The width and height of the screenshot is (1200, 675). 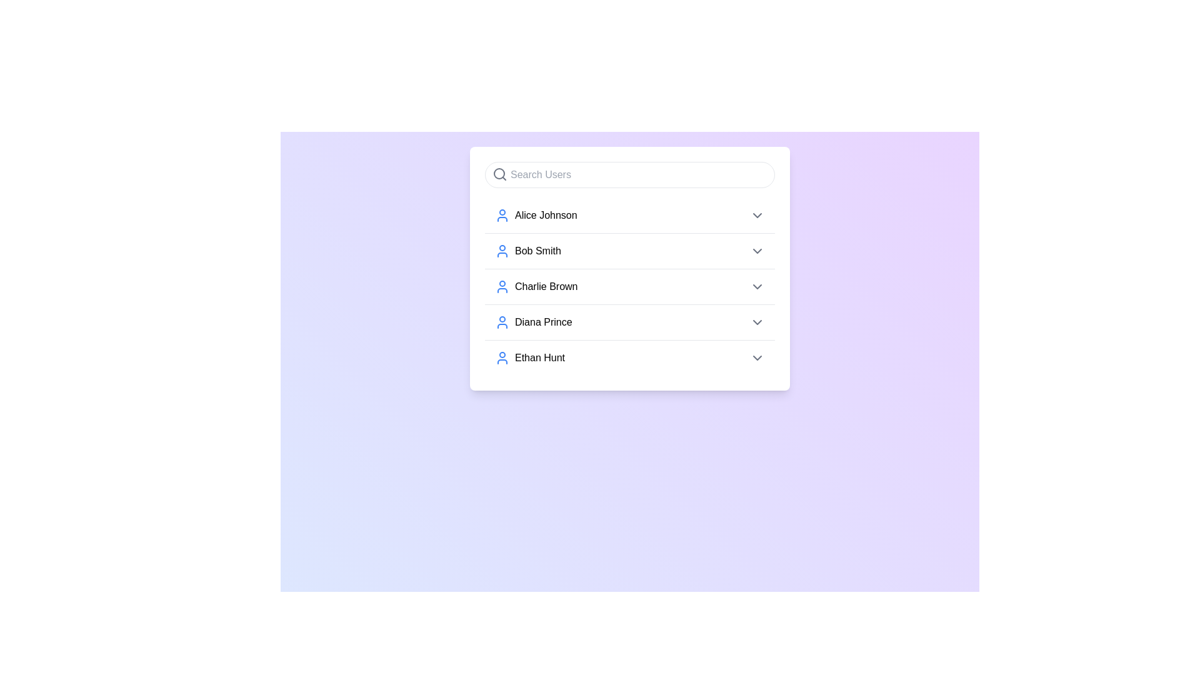 I want to click on the user profile icon located to the left of the text 'Bob Smith' in the second row of the user list, so click(x=502, y=251).